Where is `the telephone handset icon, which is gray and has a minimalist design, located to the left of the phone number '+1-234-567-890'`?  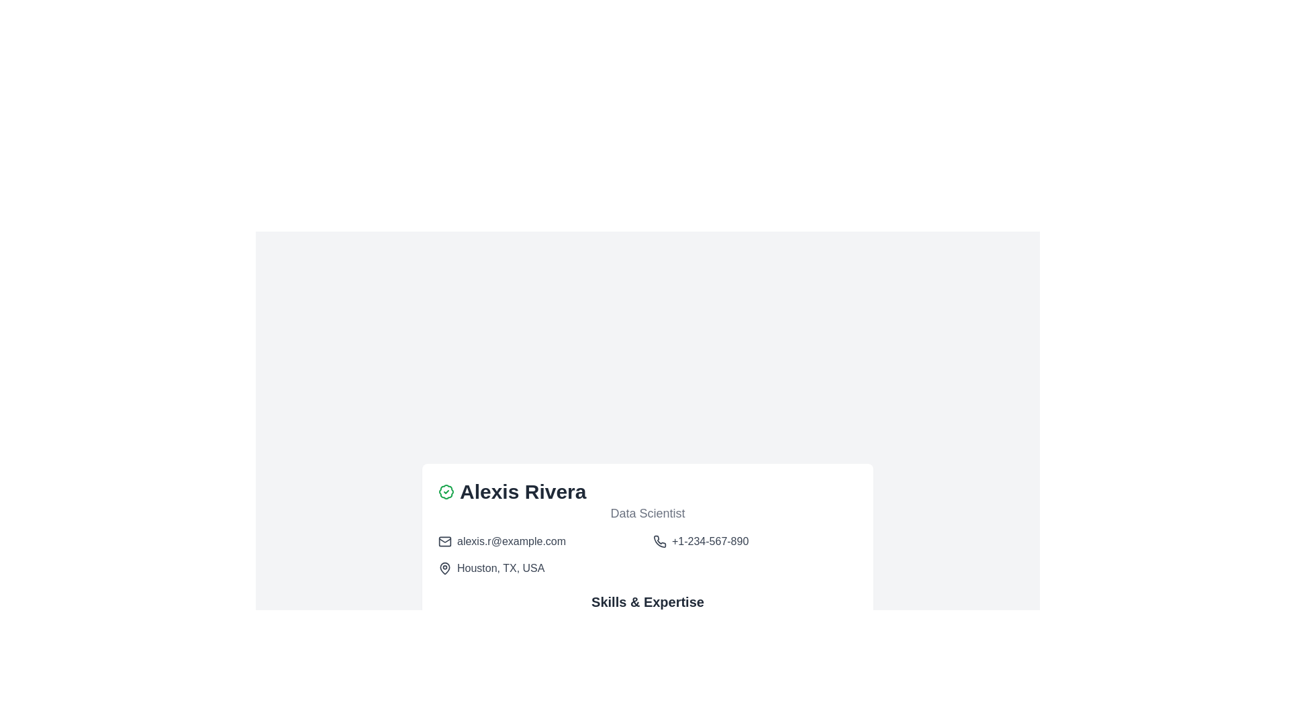
the telephone handset icon, which is gray and has a minimalist design, located to the left of the phone number '+1-234-567-890' is located at coordinates (660, 540).